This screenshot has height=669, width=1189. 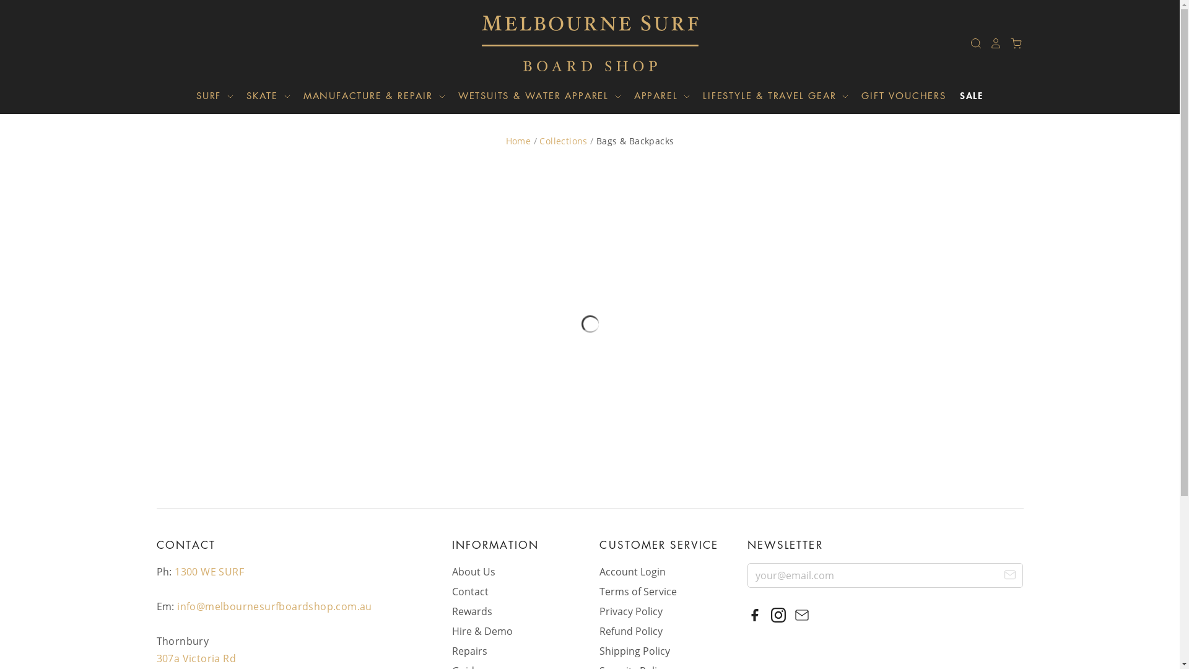 What do you see at coordinates (847, 95) in the screenshot?
I see `'GIFT VOUCHERS'` at bounding box center [847, 95].